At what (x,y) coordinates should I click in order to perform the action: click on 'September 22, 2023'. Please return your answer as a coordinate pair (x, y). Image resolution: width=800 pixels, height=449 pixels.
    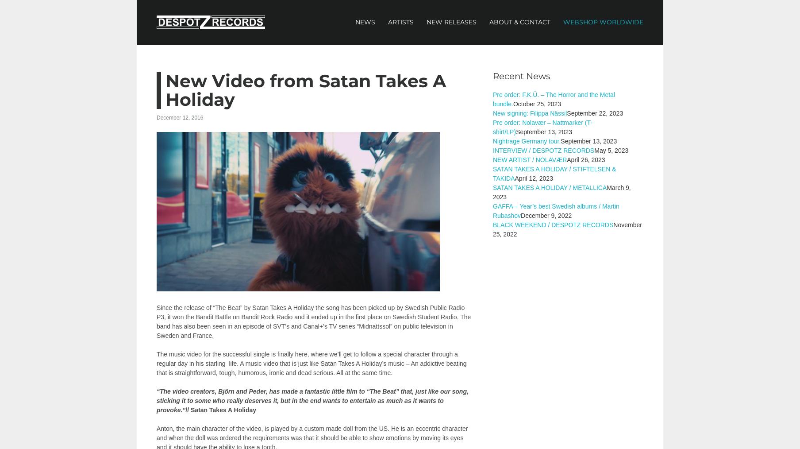
    Looking at the image, I should click on (594, 113).